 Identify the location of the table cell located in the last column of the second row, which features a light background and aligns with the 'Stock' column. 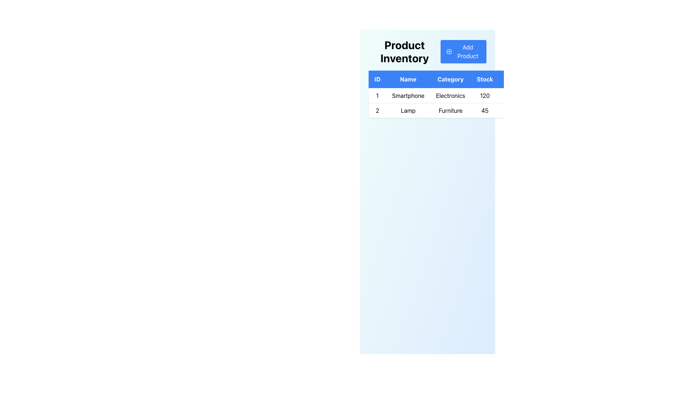
(515, 110).